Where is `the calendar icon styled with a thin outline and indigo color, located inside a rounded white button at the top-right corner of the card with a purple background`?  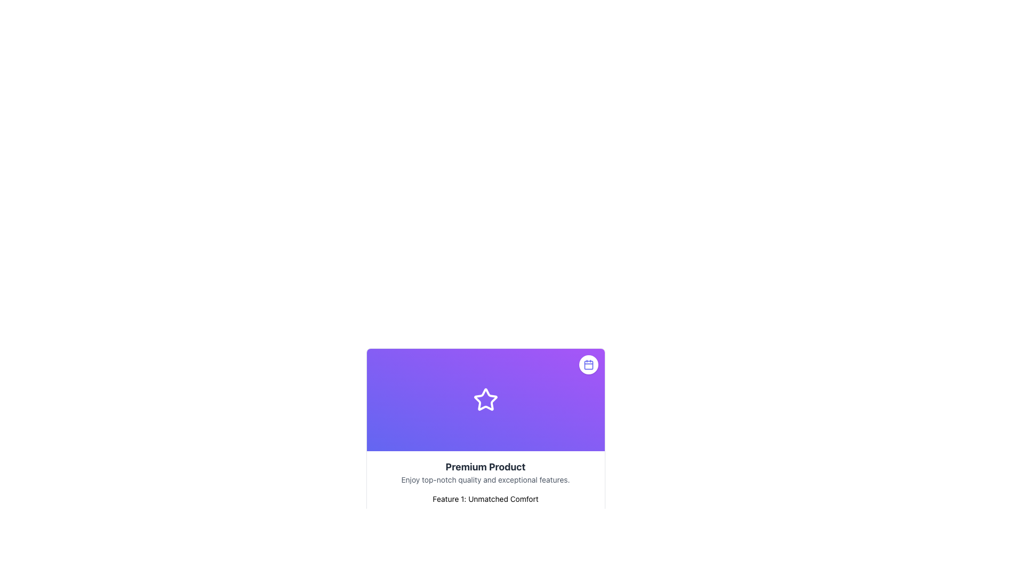 the calendar icon styled with a thin outline and indigo color, located inside a rounded white button at the top-right corner of the card with a purple background is located at coordinates (588, 364).